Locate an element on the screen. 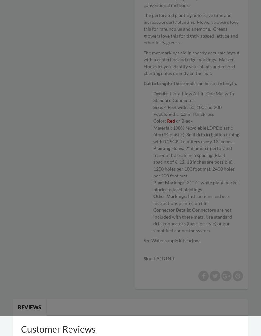  'Flora-Flow All-in-One Mat with Standard Connector' is located at coordinates (193, 96).